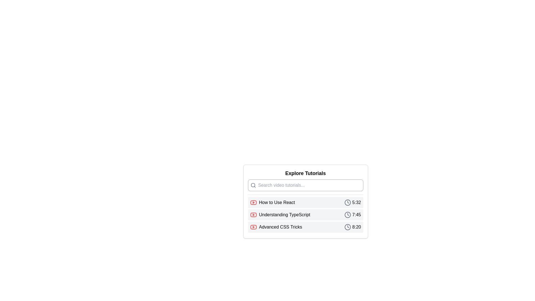  What do you see at coordinates (253, 202) in the screenshot?
I see `the red play button icon resembling a YouTube logo located before the 'How to Use React' text in the tutorial table` at bounding box center [253, 202].